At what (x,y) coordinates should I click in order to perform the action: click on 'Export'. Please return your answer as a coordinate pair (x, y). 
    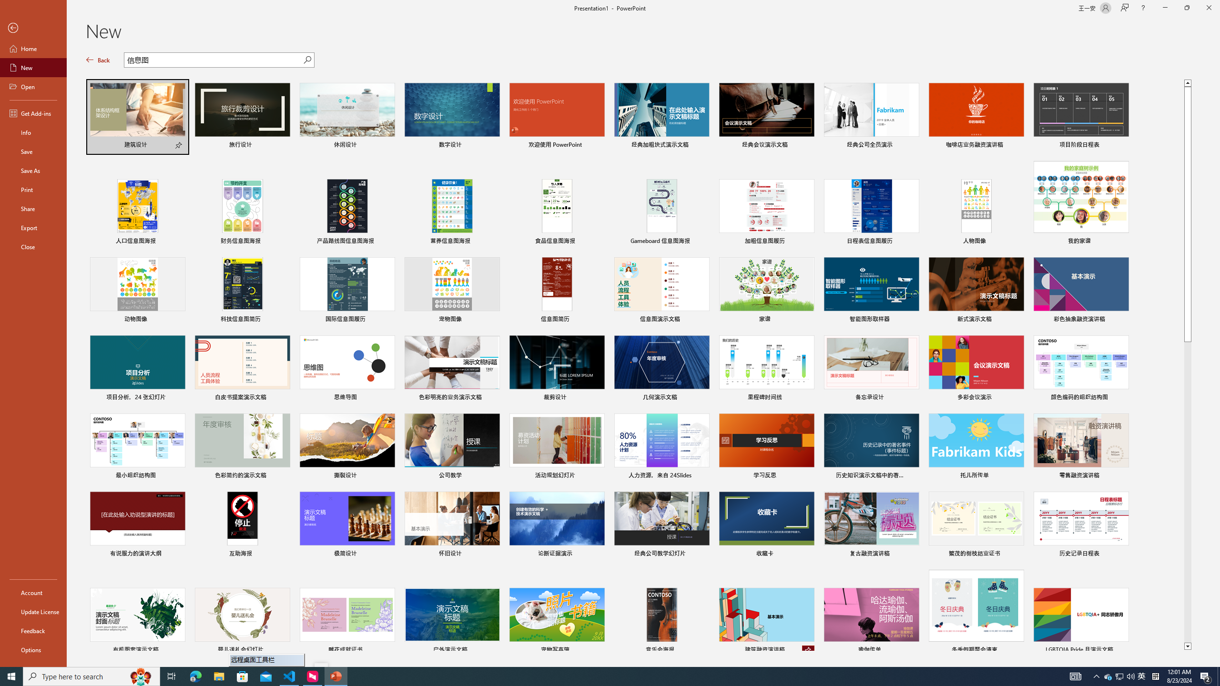
    Looking at the image, I should click on (33, 228).